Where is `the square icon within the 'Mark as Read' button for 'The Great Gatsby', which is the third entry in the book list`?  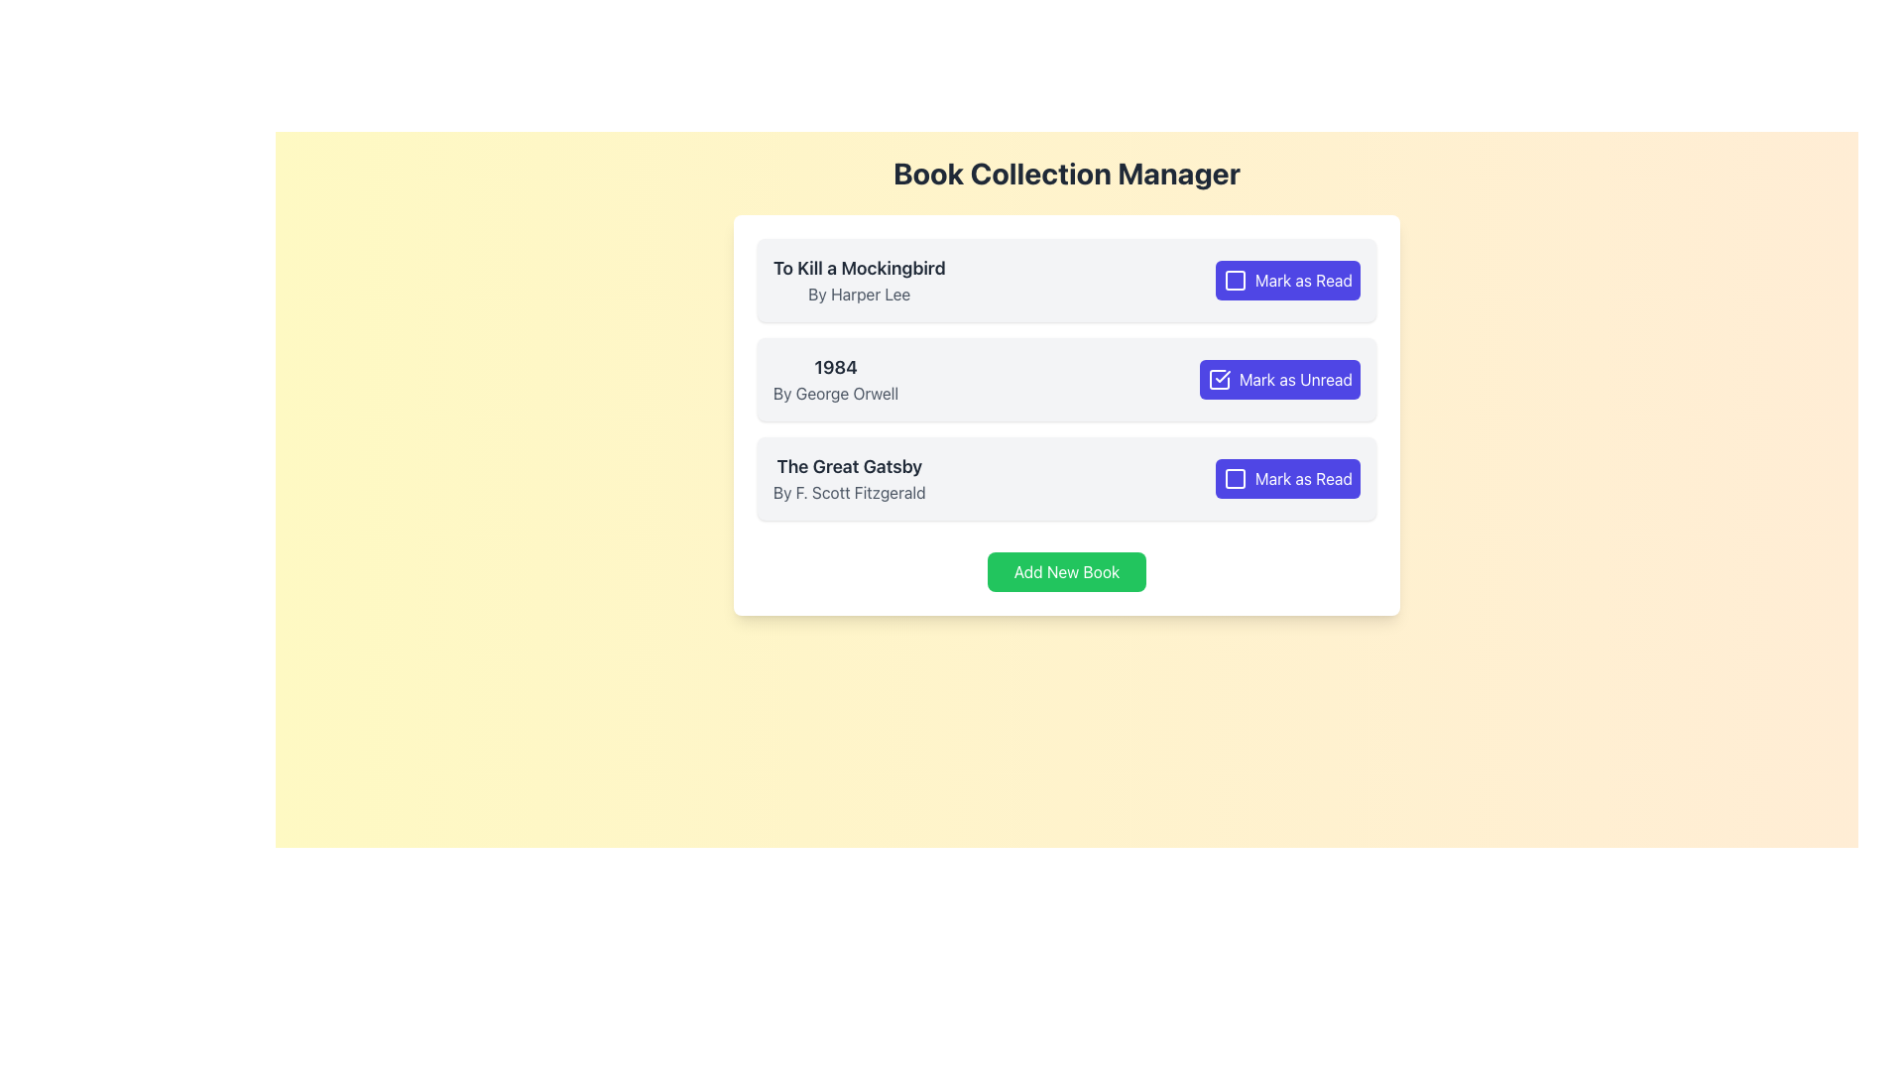 the square icon within the 'Mark as Read' button for 'The Great Gatsby', which is the third entry in the book list is located at coordinates (1234, 478).